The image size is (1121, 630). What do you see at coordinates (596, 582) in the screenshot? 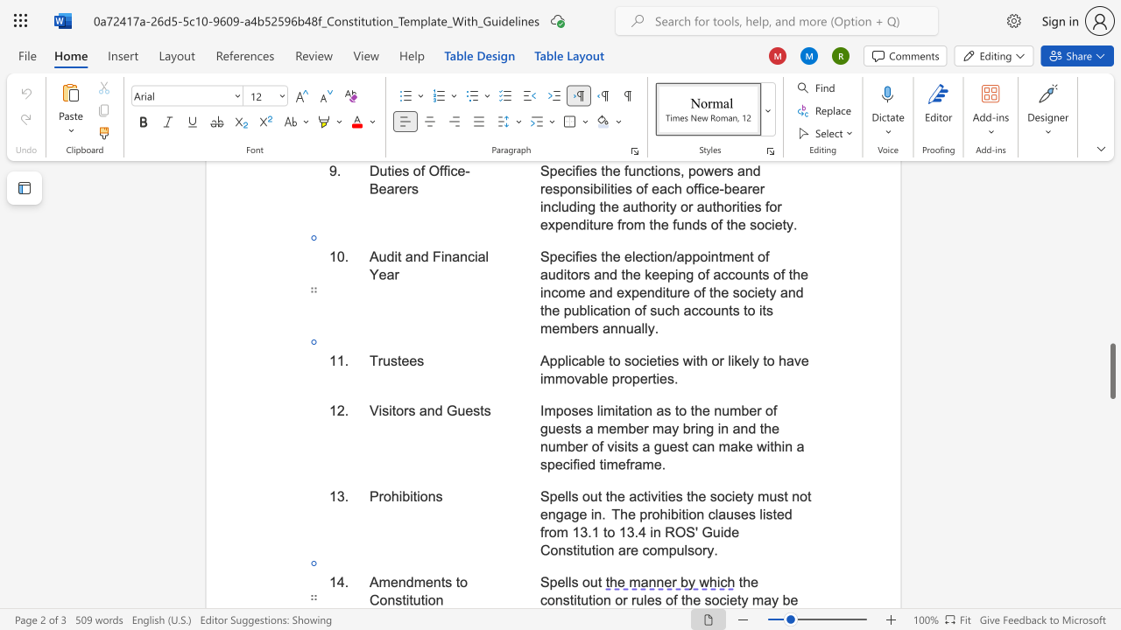
I see `the space between the continuous character "u" and "t" in the text` at bounding box center [596, 582].